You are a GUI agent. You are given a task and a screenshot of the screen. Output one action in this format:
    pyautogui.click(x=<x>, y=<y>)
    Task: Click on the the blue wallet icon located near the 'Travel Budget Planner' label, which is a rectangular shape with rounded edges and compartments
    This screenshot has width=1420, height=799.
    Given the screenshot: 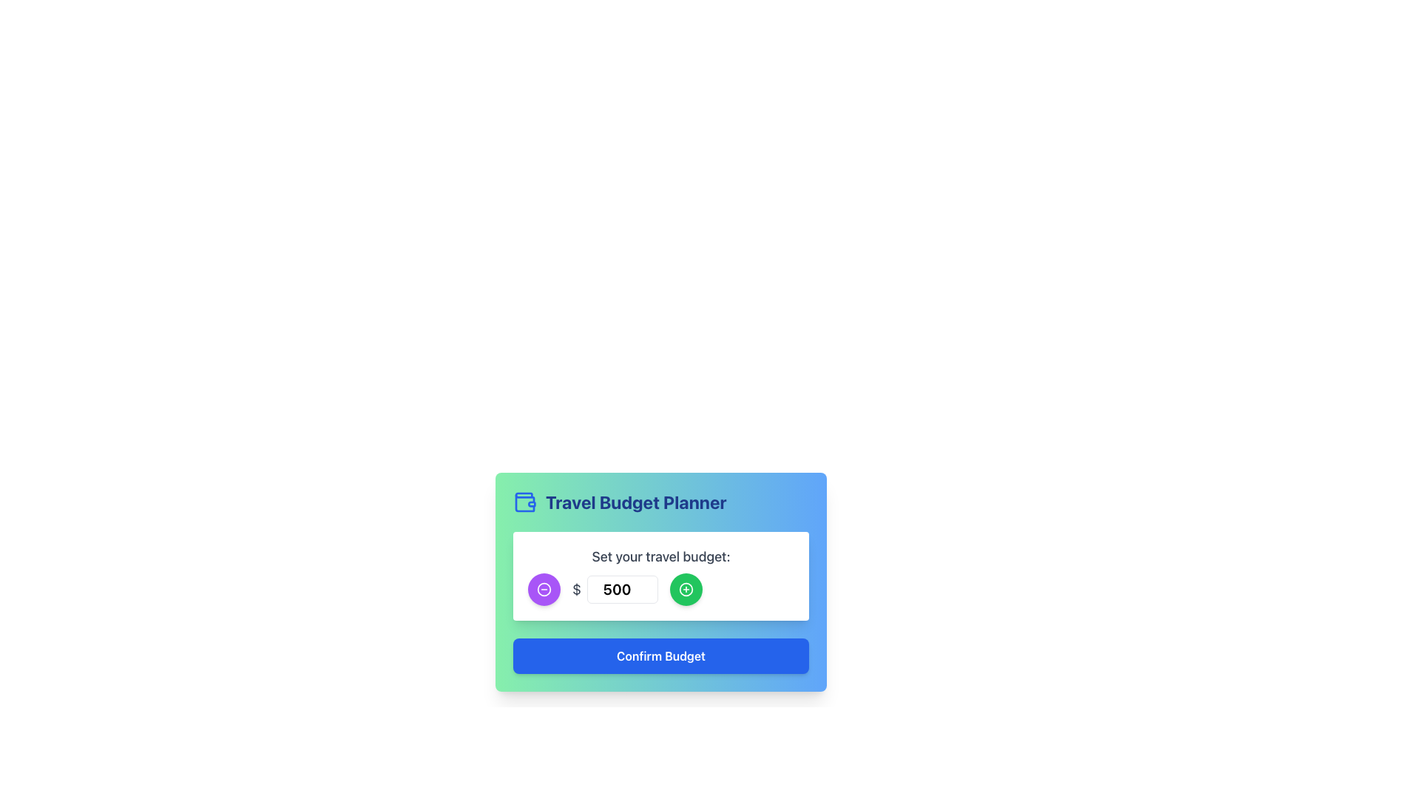 What is the action you would take?
    pyautogui.click(x=525, y=499)
    